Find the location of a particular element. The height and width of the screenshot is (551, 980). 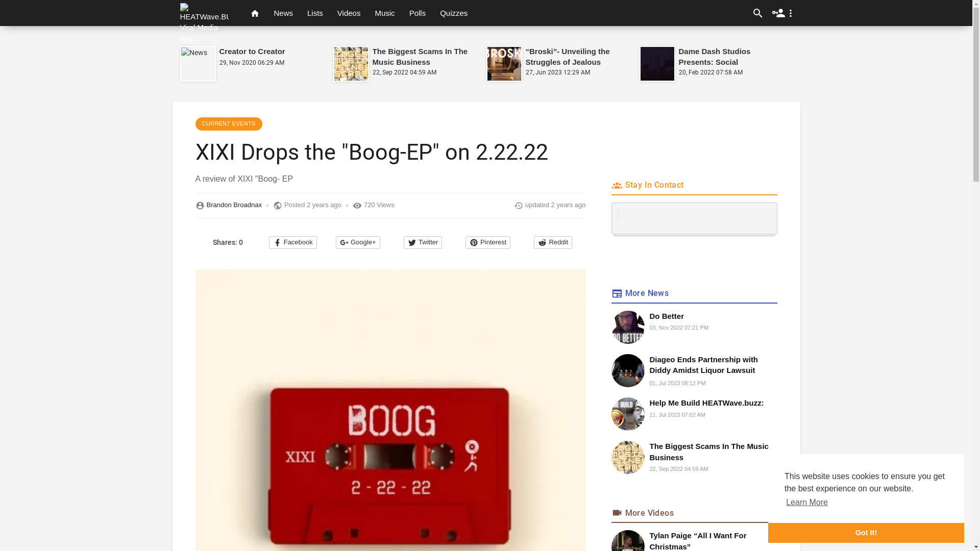

'Polls' is located at coordinates (418, 13).